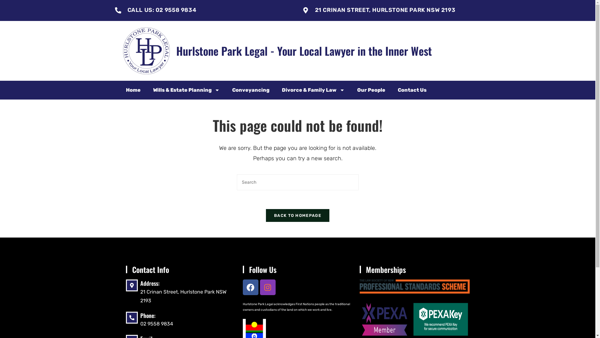  I want to click on 'Conveyancing', so click(250, 90).